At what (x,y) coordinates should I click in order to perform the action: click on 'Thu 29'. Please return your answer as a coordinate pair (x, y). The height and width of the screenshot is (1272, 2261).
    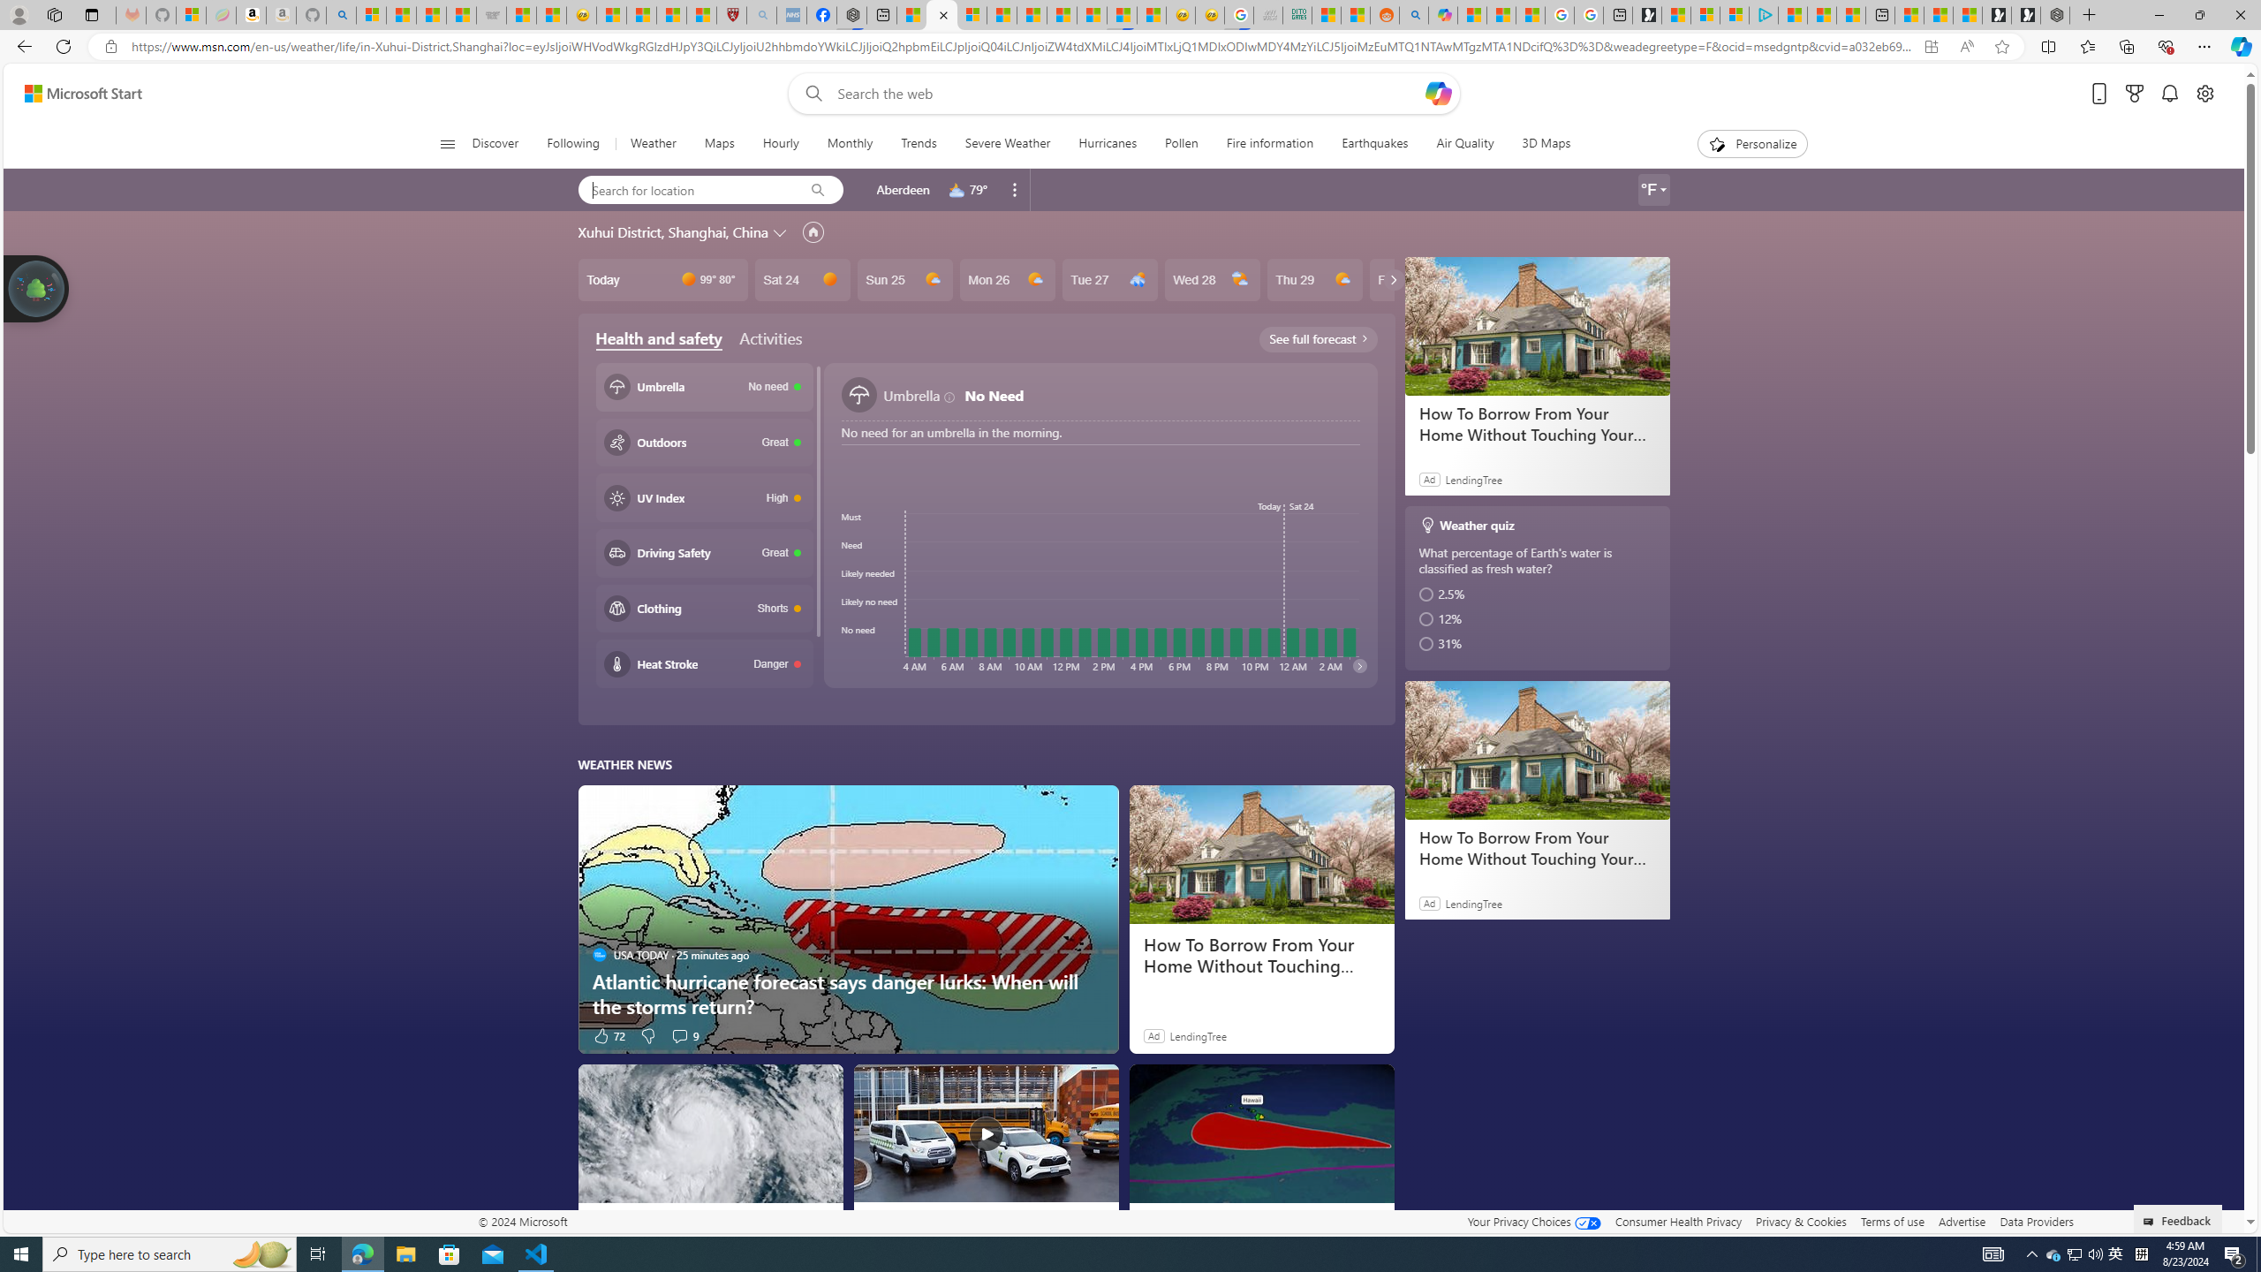
    Looking at the image, I should click on (1313, 278).